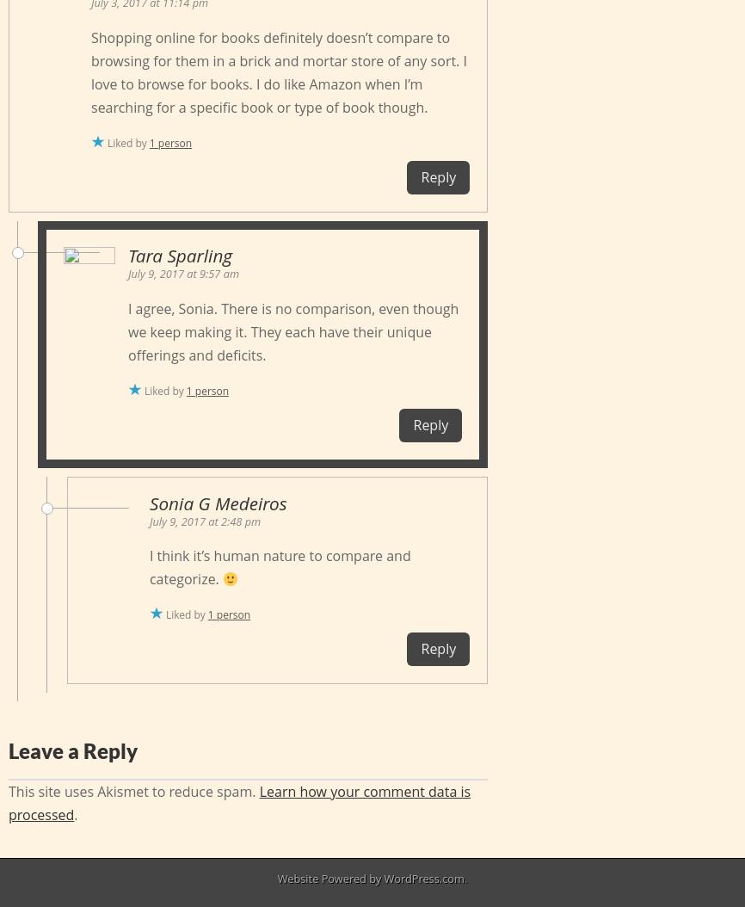 The image size is (745, 907). Describe the element at coordinates (179, 255) in the screenshot. I see `'Tara Sparling'` at that location.